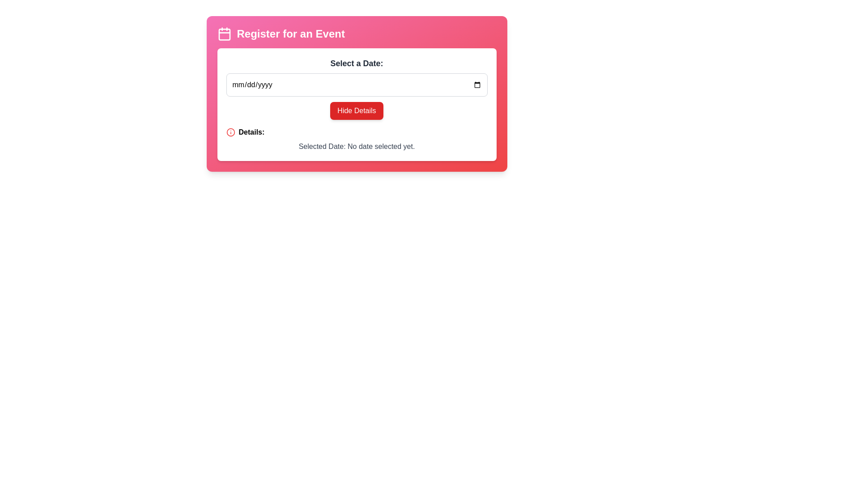 The width and height of the screenshot is (859, 483). Describe the element at coordinates (356, 140) in the screenshot. I see `the text display element that shows 'Details:' followed by 'Selected Date: No date selected yet.' with a red information icon, located below the 'Hide Details' button` at that location.